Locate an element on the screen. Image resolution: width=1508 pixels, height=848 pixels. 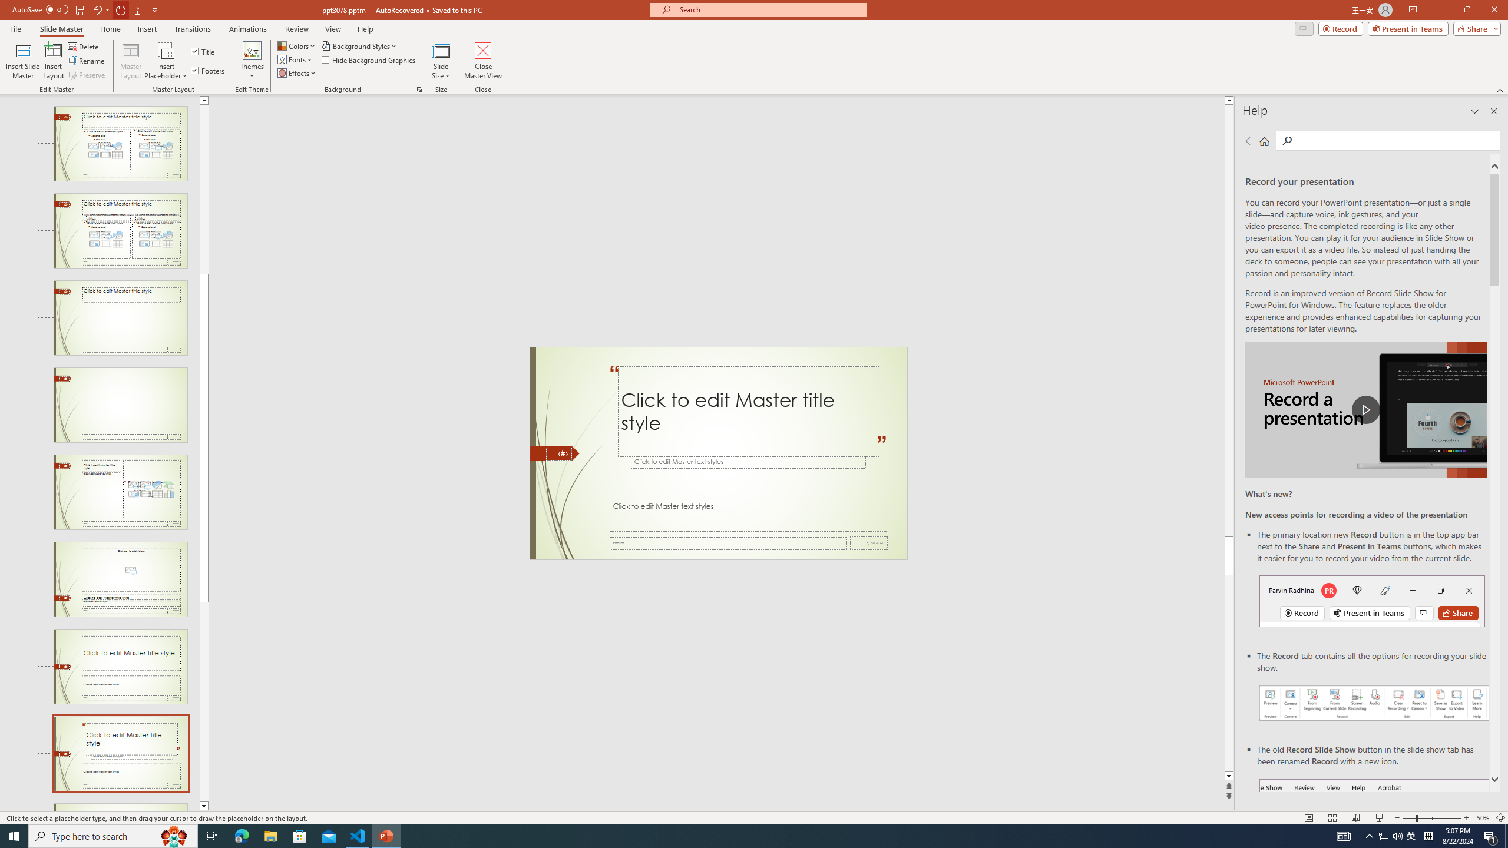
'play Record a Presentation' is located at coordinates (1365, 410).